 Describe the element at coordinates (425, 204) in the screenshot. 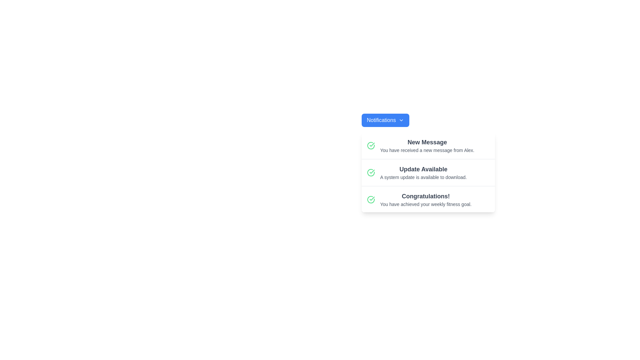

I see `second line of text in the notification message that informs the user about achieving a weekly fitness goal, which is displayed under the bolded title 'Congratulations!'` at that location.